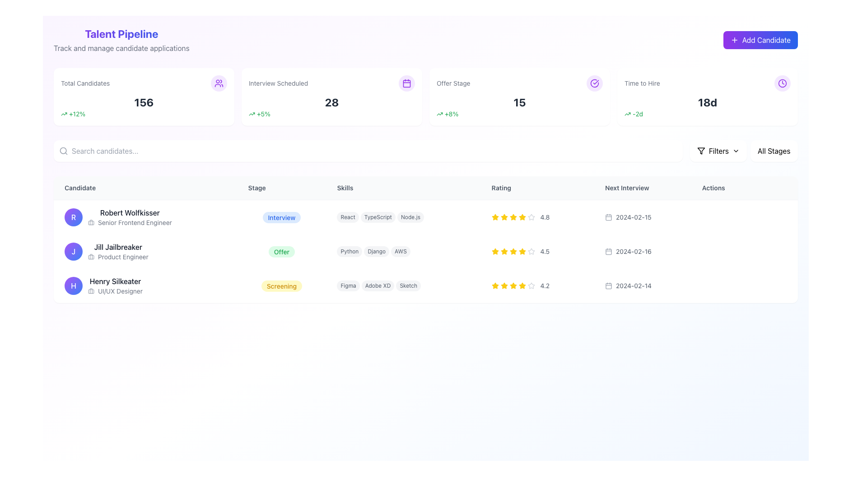 This screenshot has height=487, width=867. I want to click on the first row of the candidate information table, which includes details such as name, job title, status, skills, rating, and next interview date, so click(425, 217).